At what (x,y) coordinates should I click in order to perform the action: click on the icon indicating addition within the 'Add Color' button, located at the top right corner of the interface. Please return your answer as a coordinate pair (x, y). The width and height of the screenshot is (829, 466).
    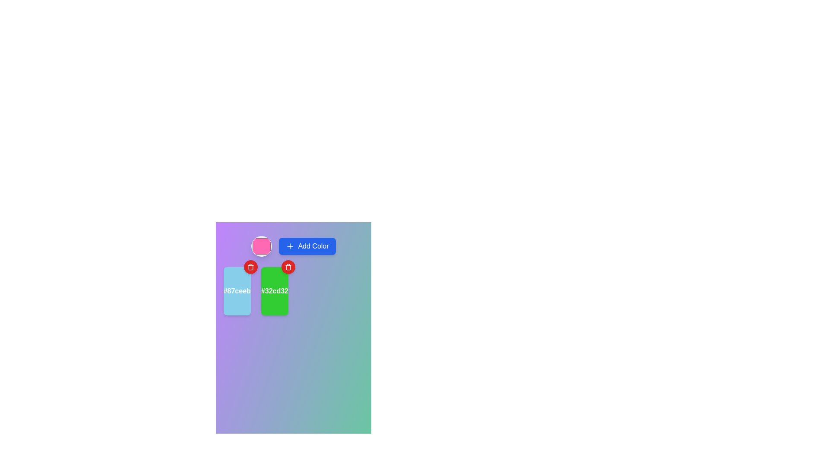
    Looking at the image, I should click on (290, 246).